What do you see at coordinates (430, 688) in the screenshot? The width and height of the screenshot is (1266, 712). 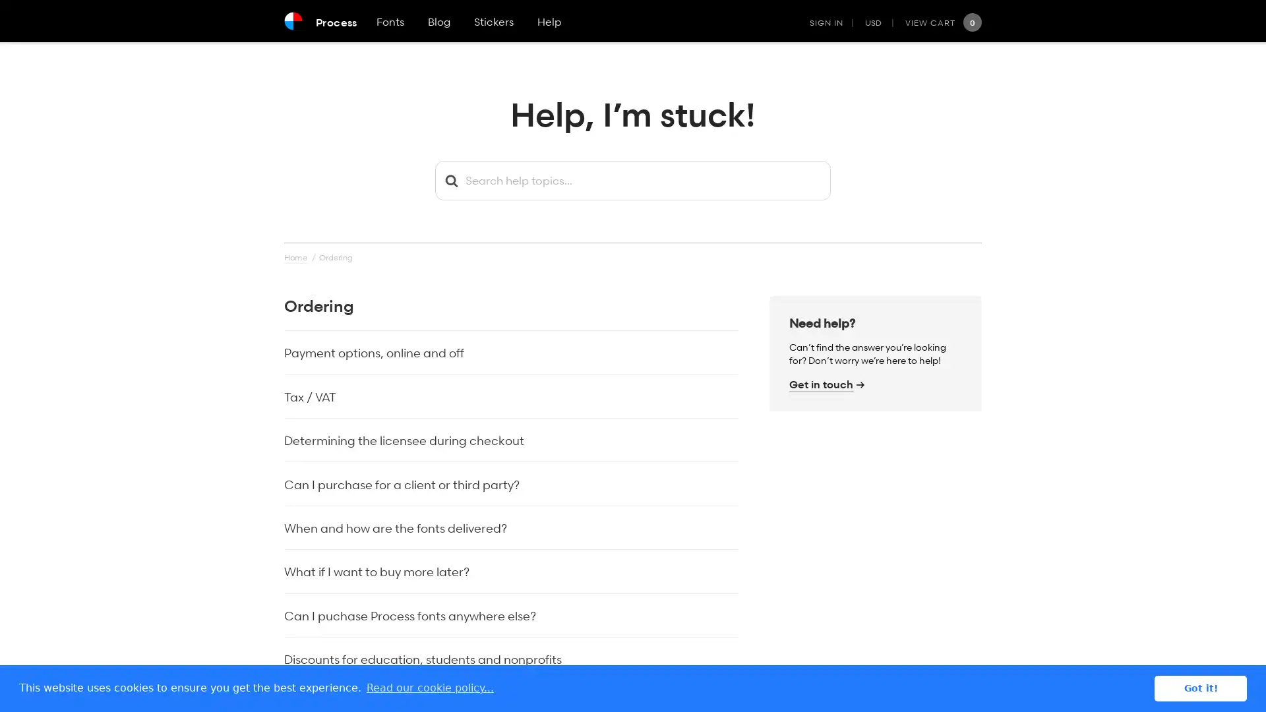 I see `learn more about cookies` at bounding box center [430, 688].